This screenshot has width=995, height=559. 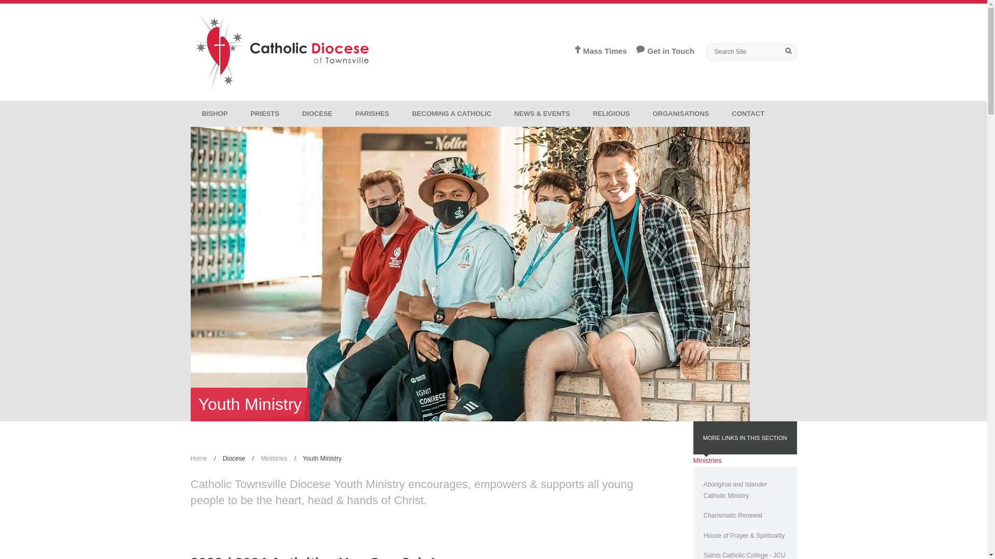 What do you see at coordinates (343, 113) in the screenshot?
I see `'PARISHES'` at bounding box center [343, 113].